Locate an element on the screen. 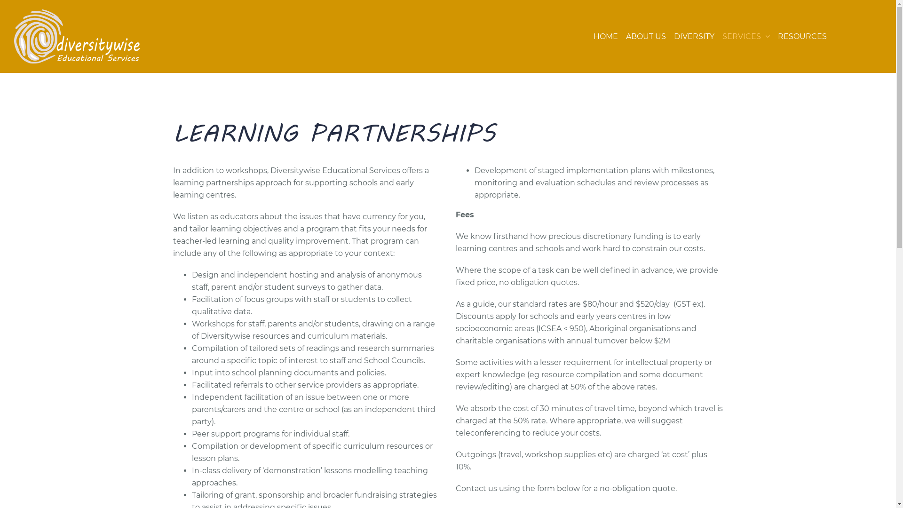 The height and width of the screenshot is (508, 903). 'SERVICES' is located at coordinates (745, 36).